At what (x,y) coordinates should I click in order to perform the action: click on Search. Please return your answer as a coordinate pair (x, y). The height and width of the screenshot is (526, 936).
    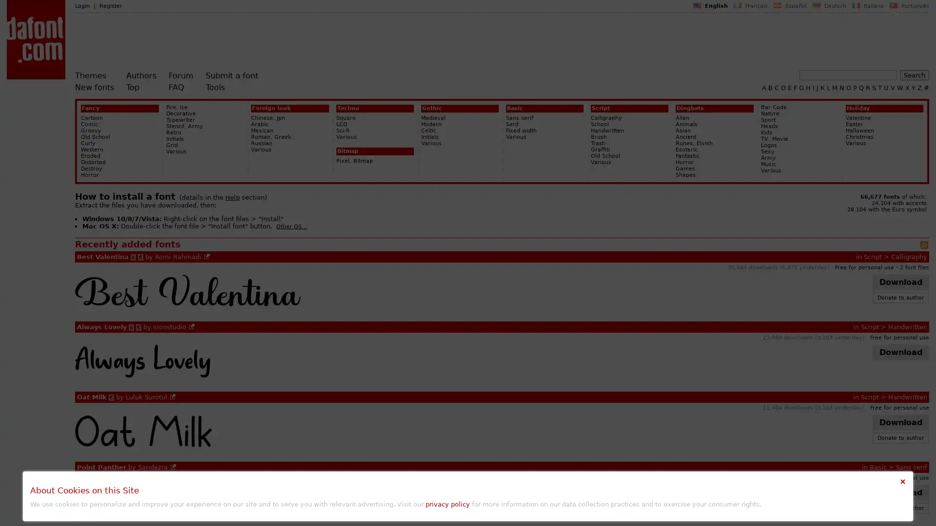
    Looking at the image, I should click on (914, 75).